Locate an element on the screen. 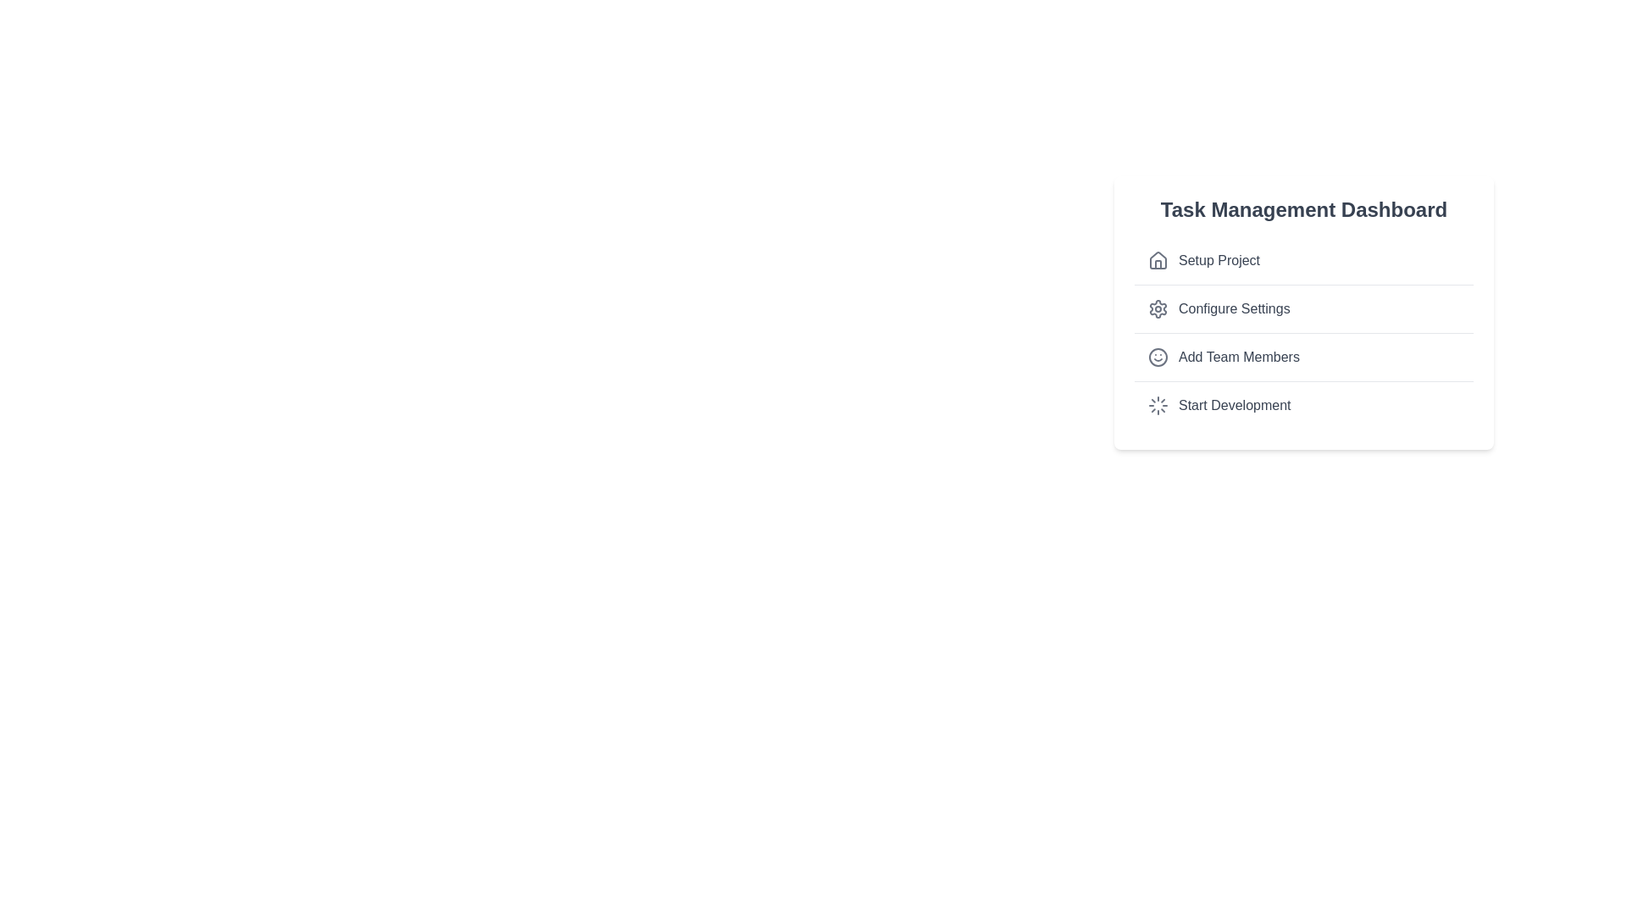 The height and width of the screenshot is (915, 1627). an item in the task list located within the 'Task Management Dashboard' is located at coordinates (1303, 333).